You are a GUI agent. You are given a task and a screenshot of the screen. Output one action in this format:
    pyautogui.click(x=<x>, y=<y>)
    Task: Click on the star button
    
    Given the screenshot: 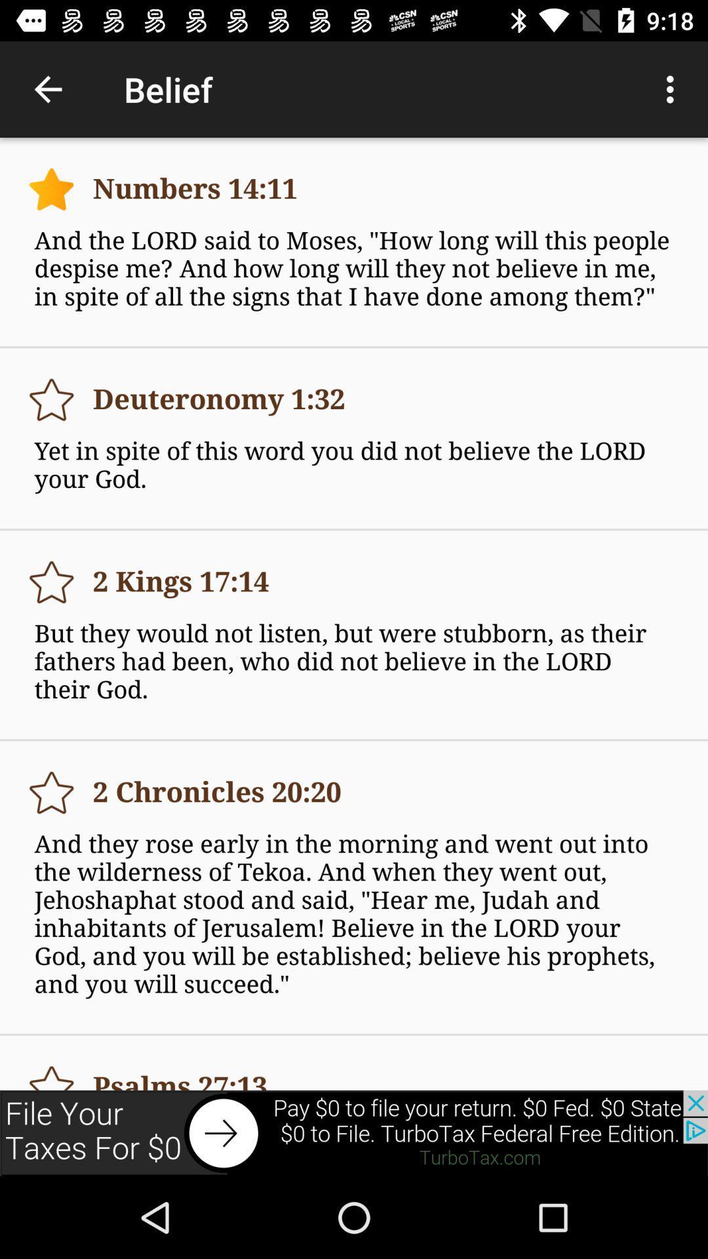 What is the action you would take?
    pyautogui.click(x=50, y=188)
    